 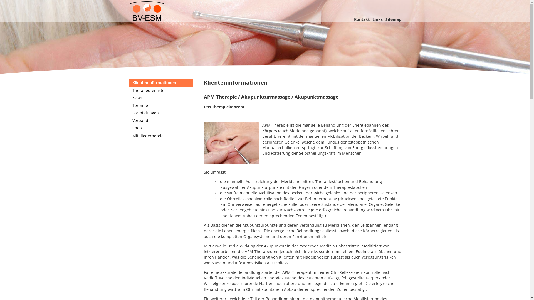 I want to click on 'Termine', so click(x=160, y=106).